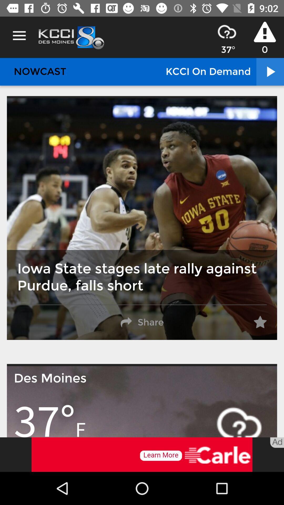 The image size is (284, 505). Describe the element at coordinates (142, 454) in the screenshot. I see `see the advertisement` at that location.